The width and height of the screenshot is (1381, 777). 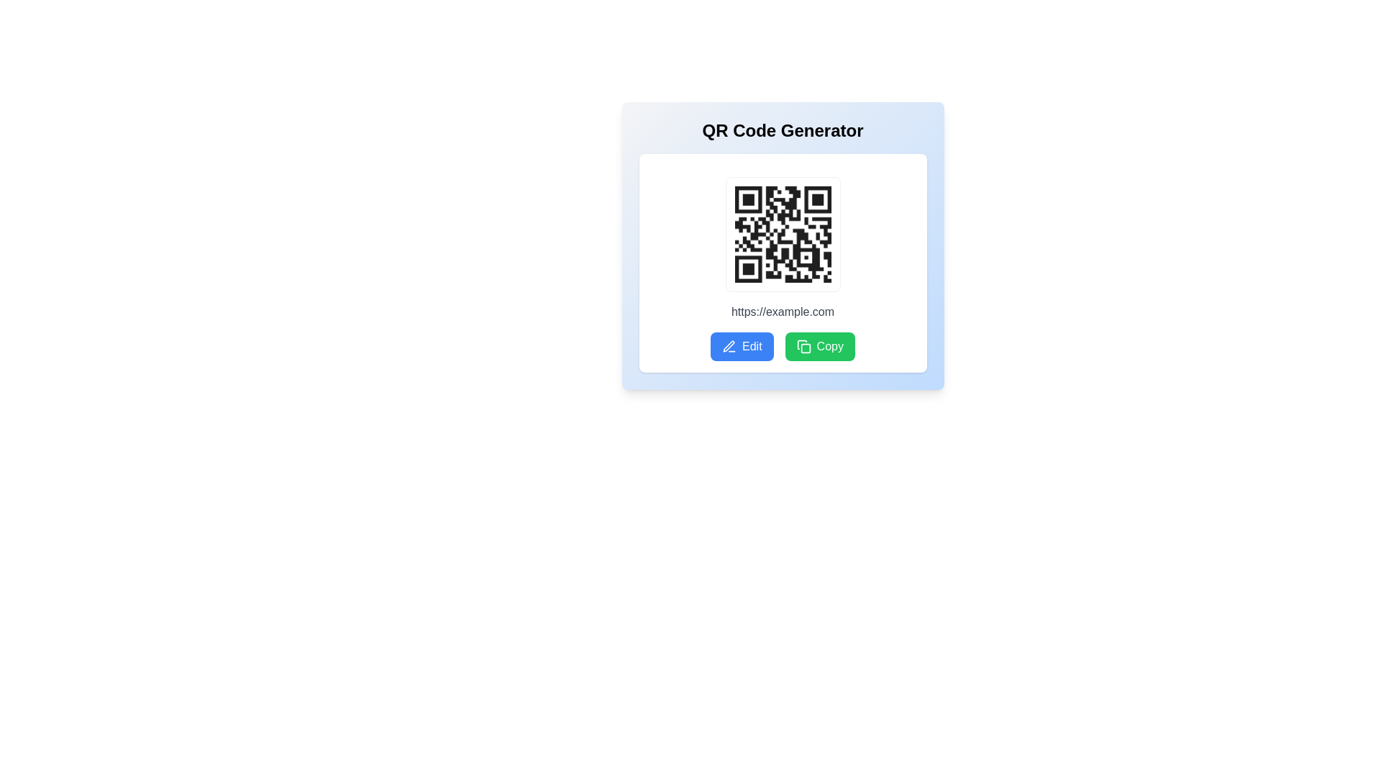 What do you see at coordinates (806, 348) in the screenshot?
I see `the SVG rectangle element that represents the 'Copy' button in the modal titled 'QR Code Generator'` at bounding box center [806, 348].